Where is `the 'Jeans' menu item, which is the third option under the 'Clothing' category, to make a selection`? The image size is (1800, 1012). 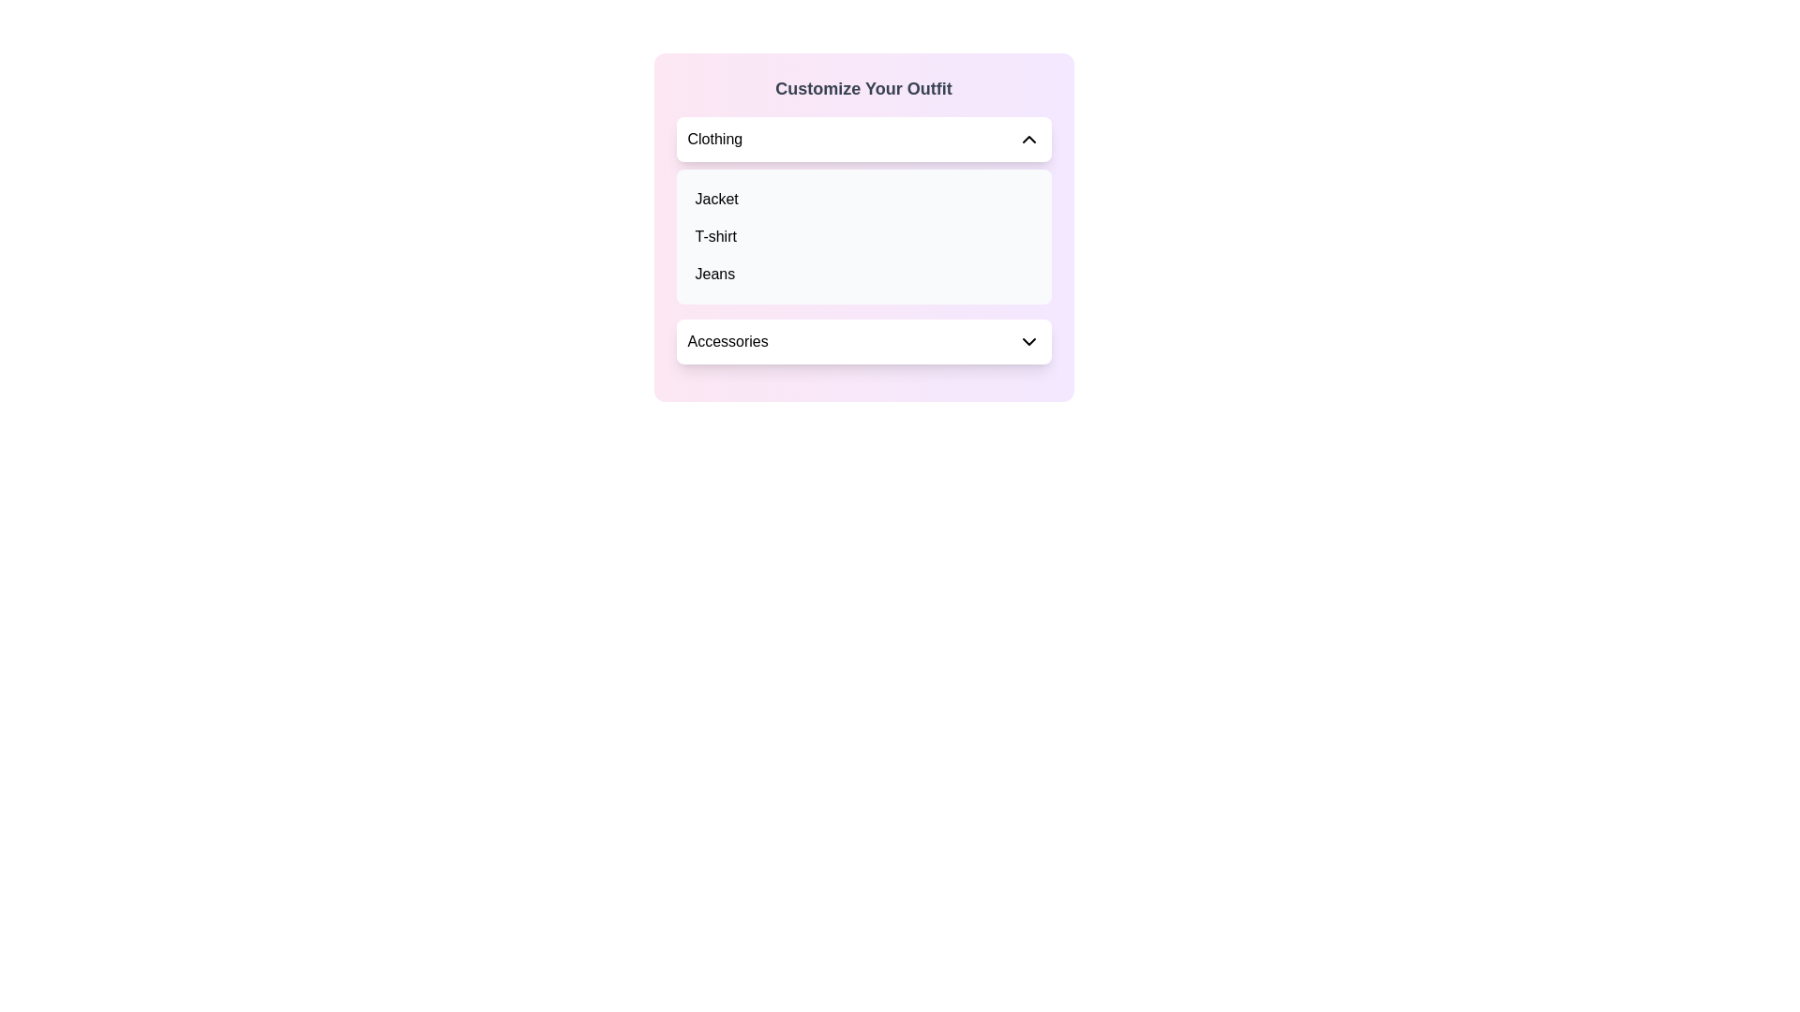 the 'Jeans' menu item, which is the third option under the 'Clothing' category, to make a selection is located at coordinates (862, 275).